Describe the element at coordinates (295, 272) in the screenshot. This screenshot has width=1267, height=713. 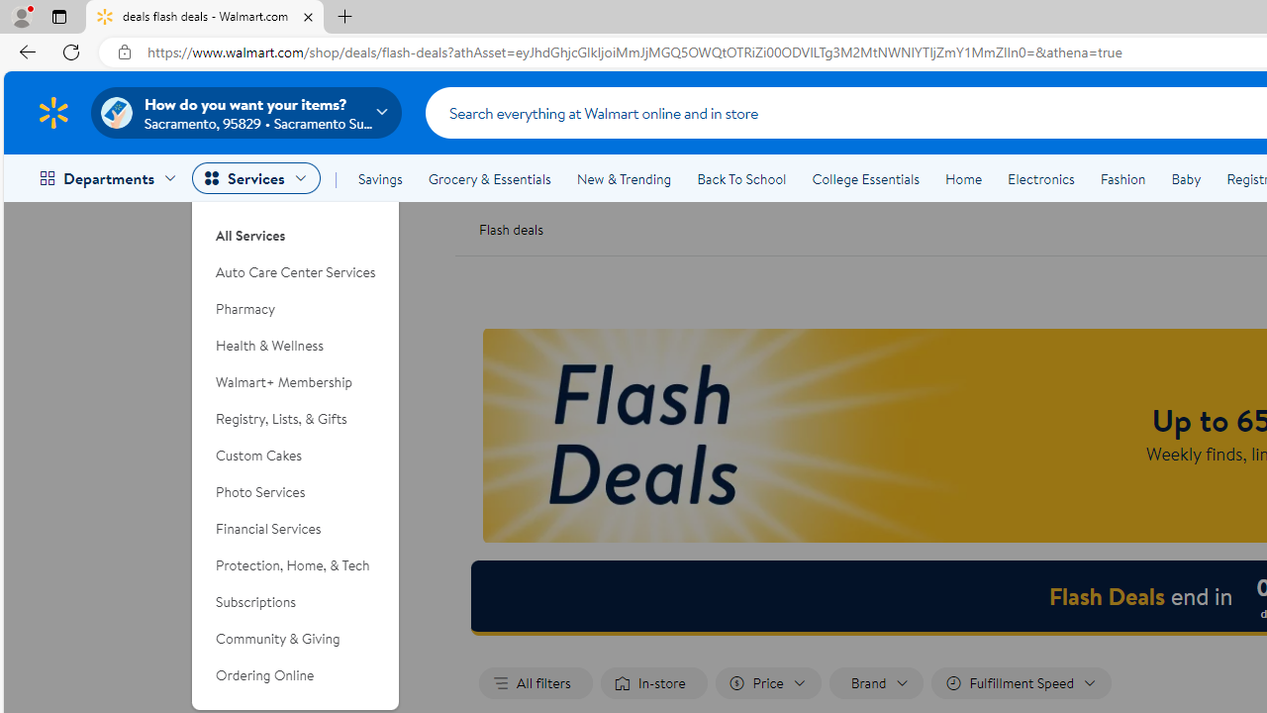
I see `'Auto Care Center Services'` at that location.